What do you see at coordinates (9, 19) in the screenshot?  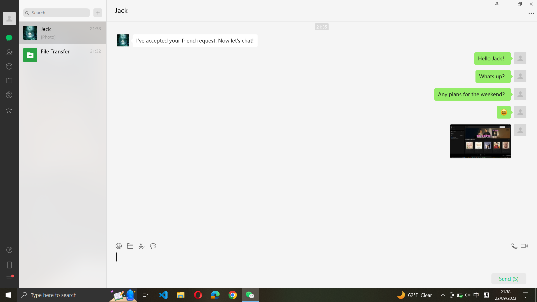 I see `Expand Jack"s profile` at bounding box center [9, 19].